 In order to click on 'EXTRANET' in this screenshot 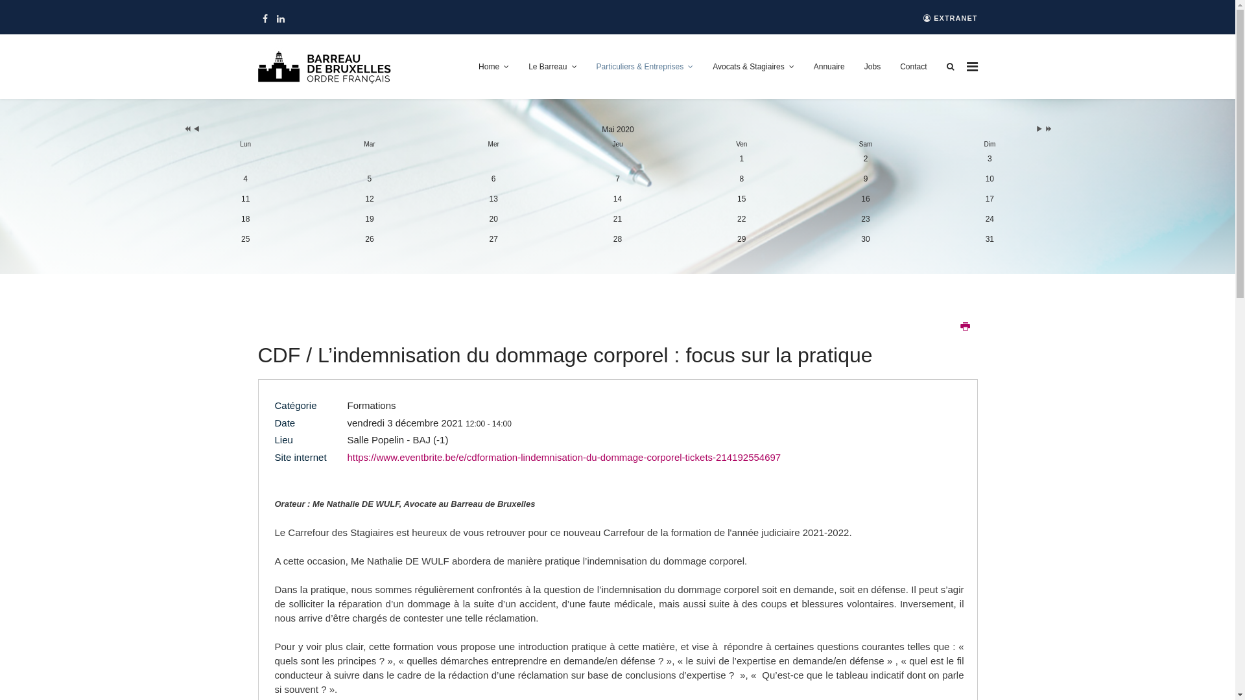, I will do `click(950, 18)`.